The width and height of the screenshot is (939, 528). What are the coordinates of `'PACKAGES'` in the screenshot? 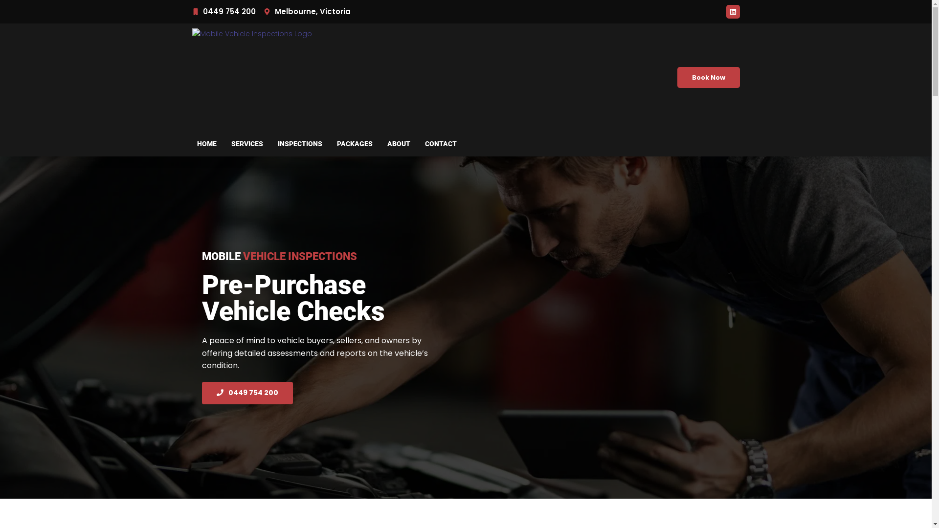 It's located at (354, 143).